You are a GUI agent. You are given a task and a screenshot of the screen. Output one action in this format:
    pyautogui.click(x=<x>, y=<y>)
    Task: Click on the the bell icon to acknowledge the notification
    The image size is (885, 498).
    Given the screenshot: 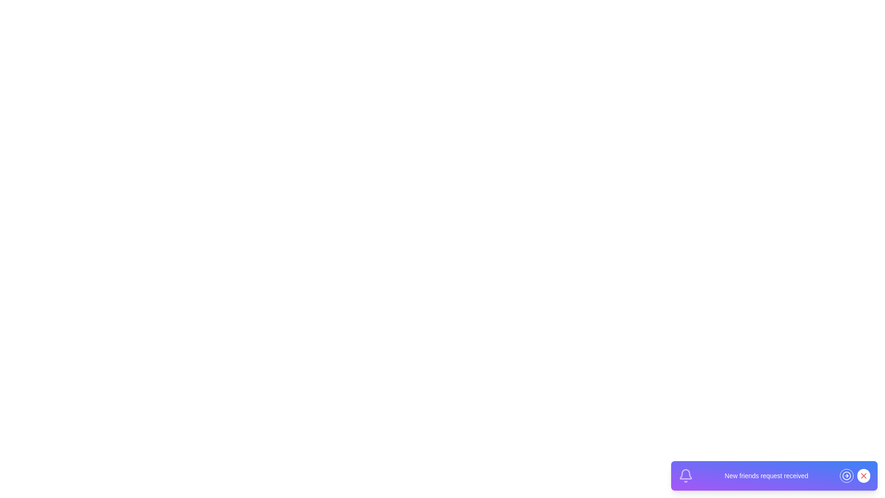 What is the action you would take?
    pyautogui.click(x=686, y=476)
    